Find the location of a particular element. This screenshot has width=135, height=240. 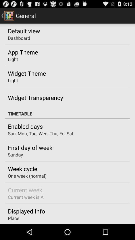

item below light is located at coordinates (27, 73).